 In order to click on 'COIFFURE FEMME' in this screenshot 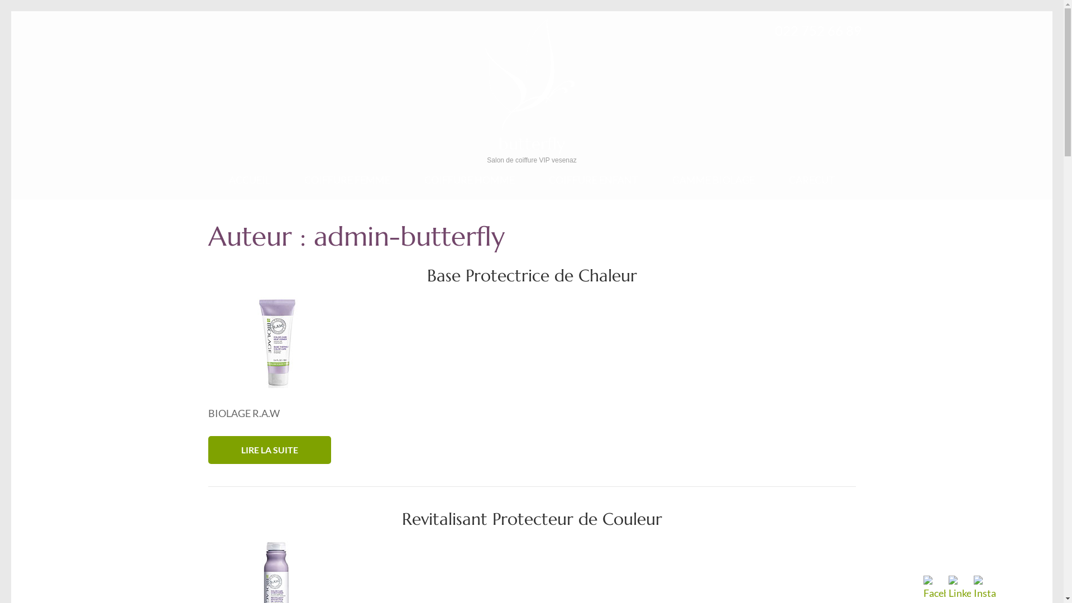, I will do `click(347, 186)`.